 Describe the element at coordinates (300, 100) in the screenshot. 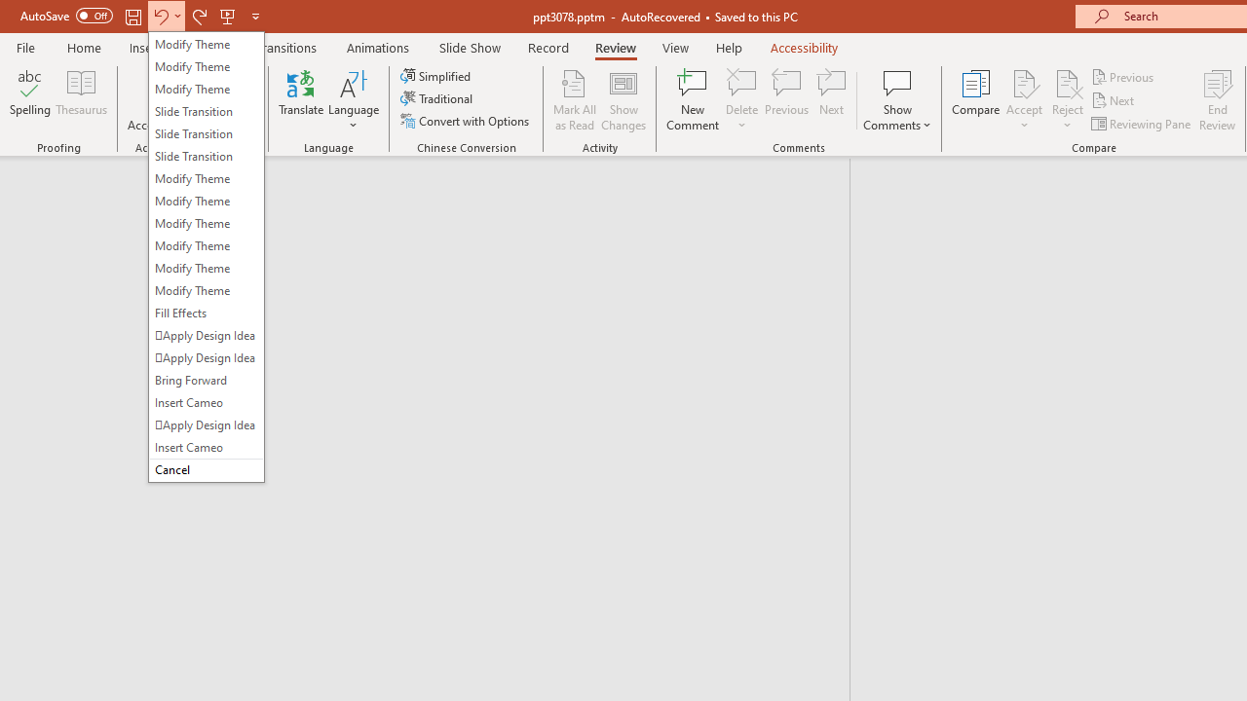

I see `'Translate'` at that location.